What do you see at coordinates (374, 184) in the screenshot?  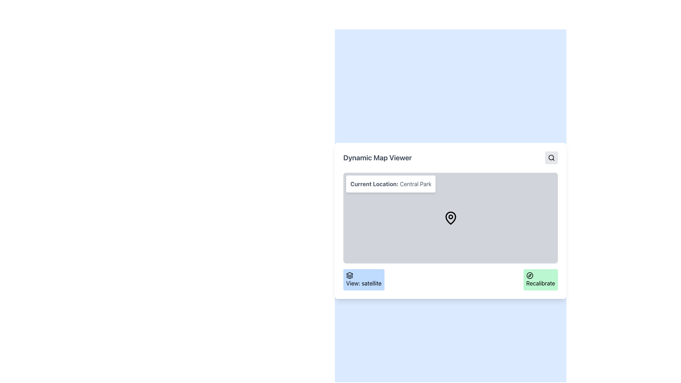 I see `the Static Text Label displaying 'Current Location:' which is positioned above the map area and to the left of 'Central Park'` at bounding box center [374, 184].